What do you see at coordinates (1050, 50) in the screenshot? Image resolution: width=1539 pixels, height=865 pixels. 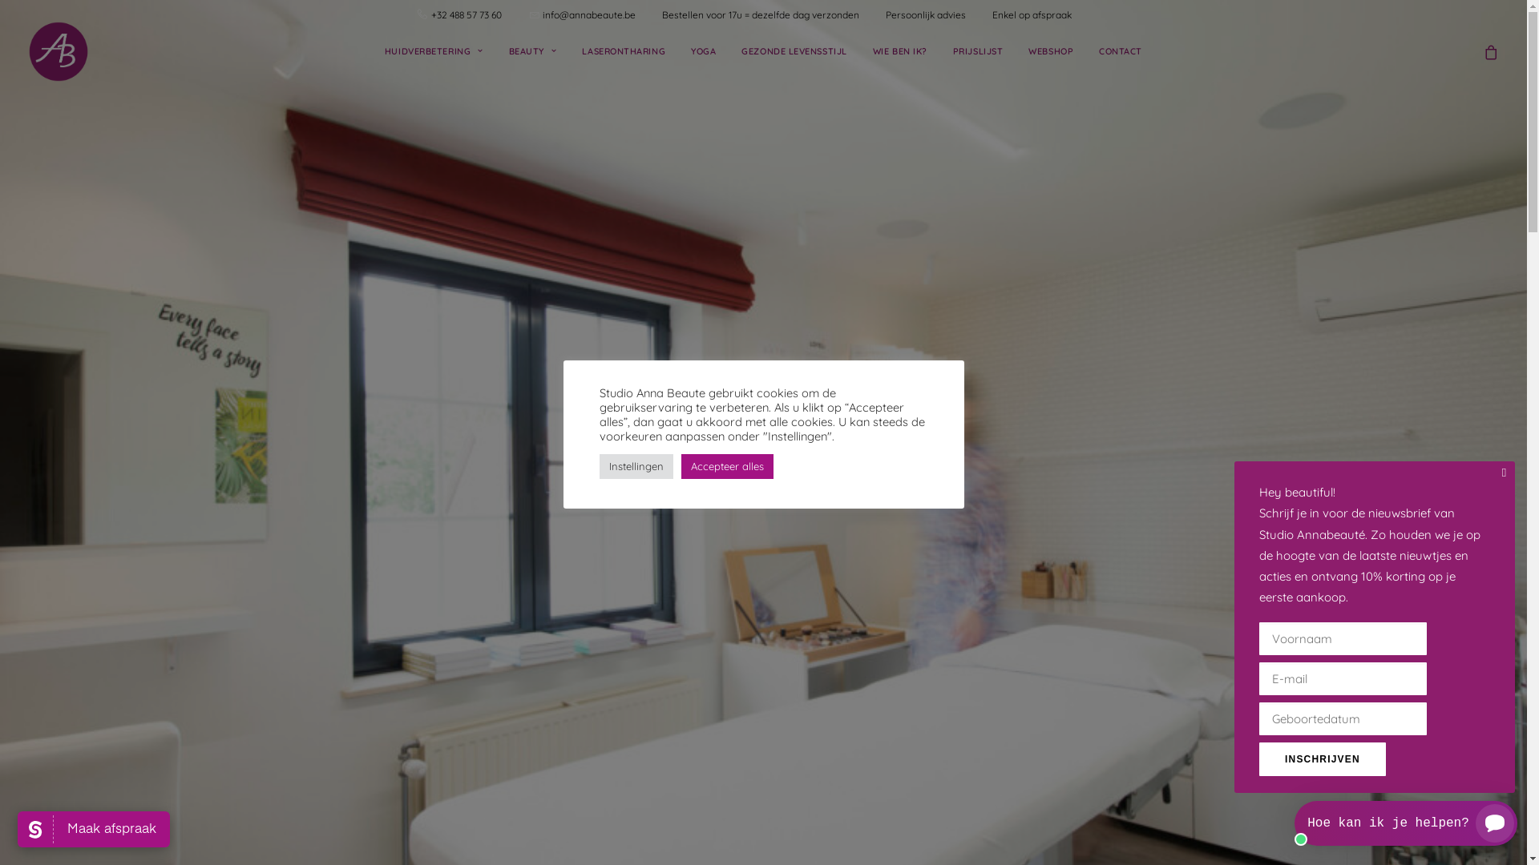 I see `'WEBSHOP'` at bounding box center [1050, 50].